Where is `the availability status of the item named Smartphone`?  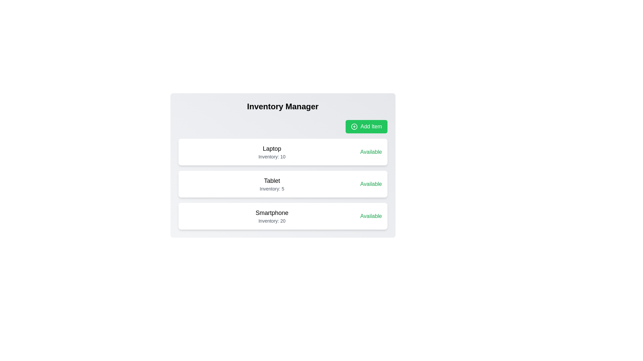 the availability status of the item named Smartphone is located at coordinates (371, 216).